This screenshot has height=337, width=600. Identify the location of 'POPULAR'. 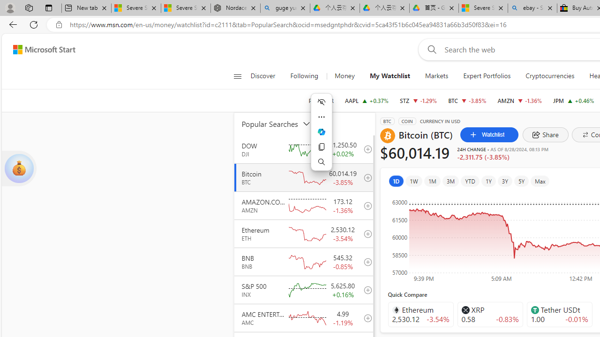
(321, 101).